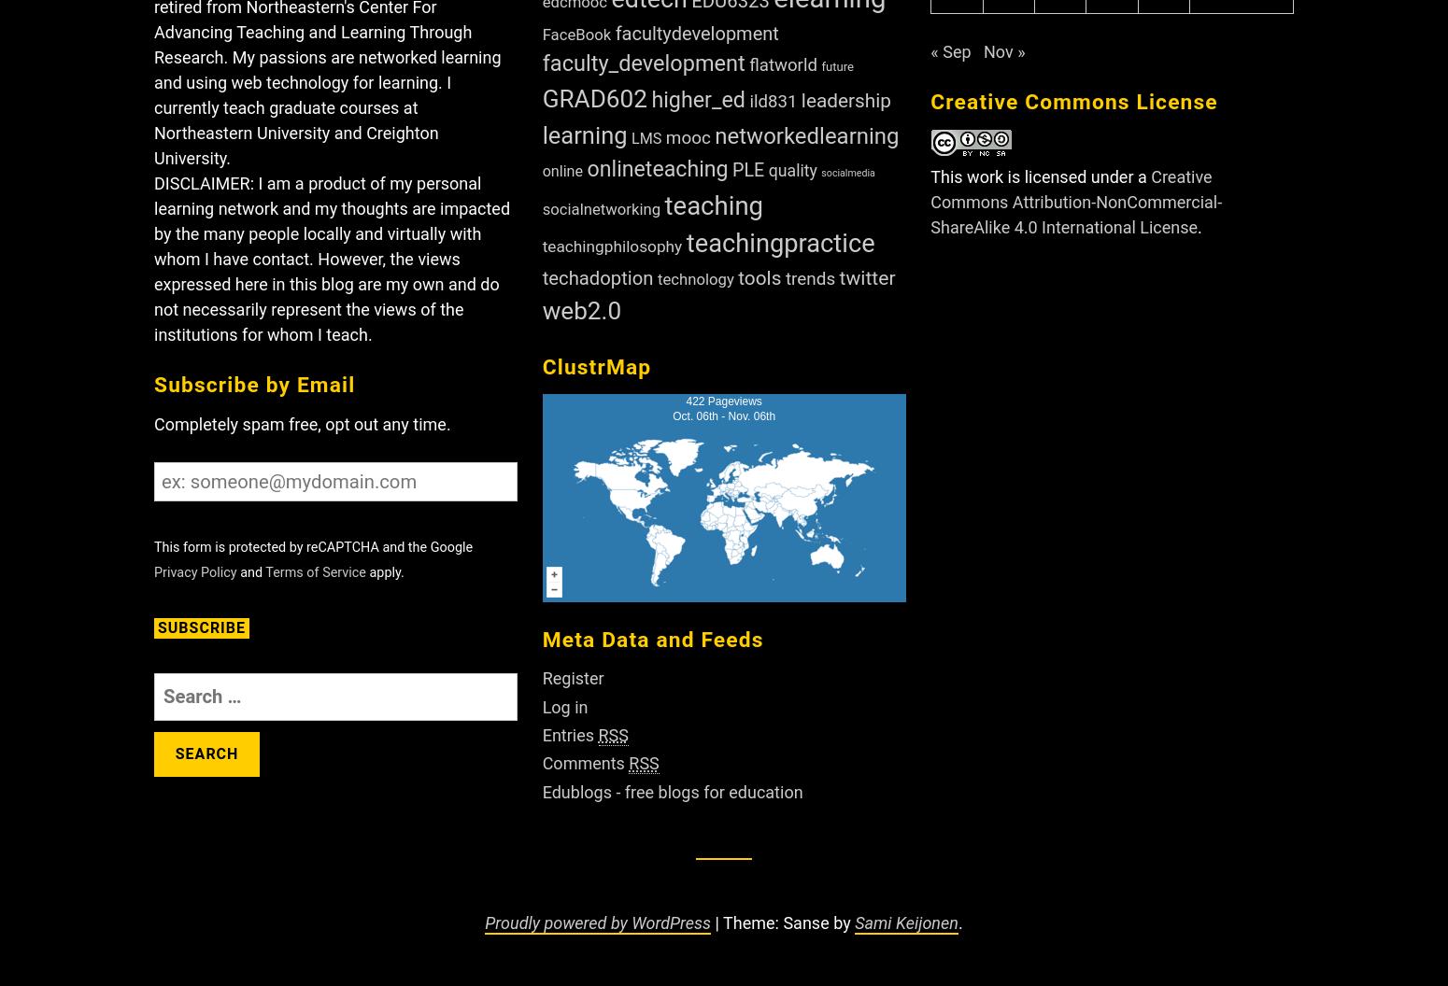 Image resolution: width=1448 pixels, height=986 pixels. I want to click on 'trends', so click(810, 277).